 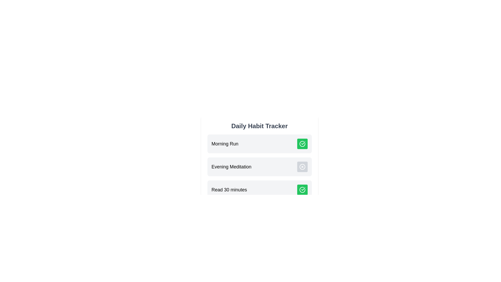 I want to click on the checkmark icon within the green square button indicating the completion of the 'Read 30 minutes' habit tracker item, so click(x=303, y=189).